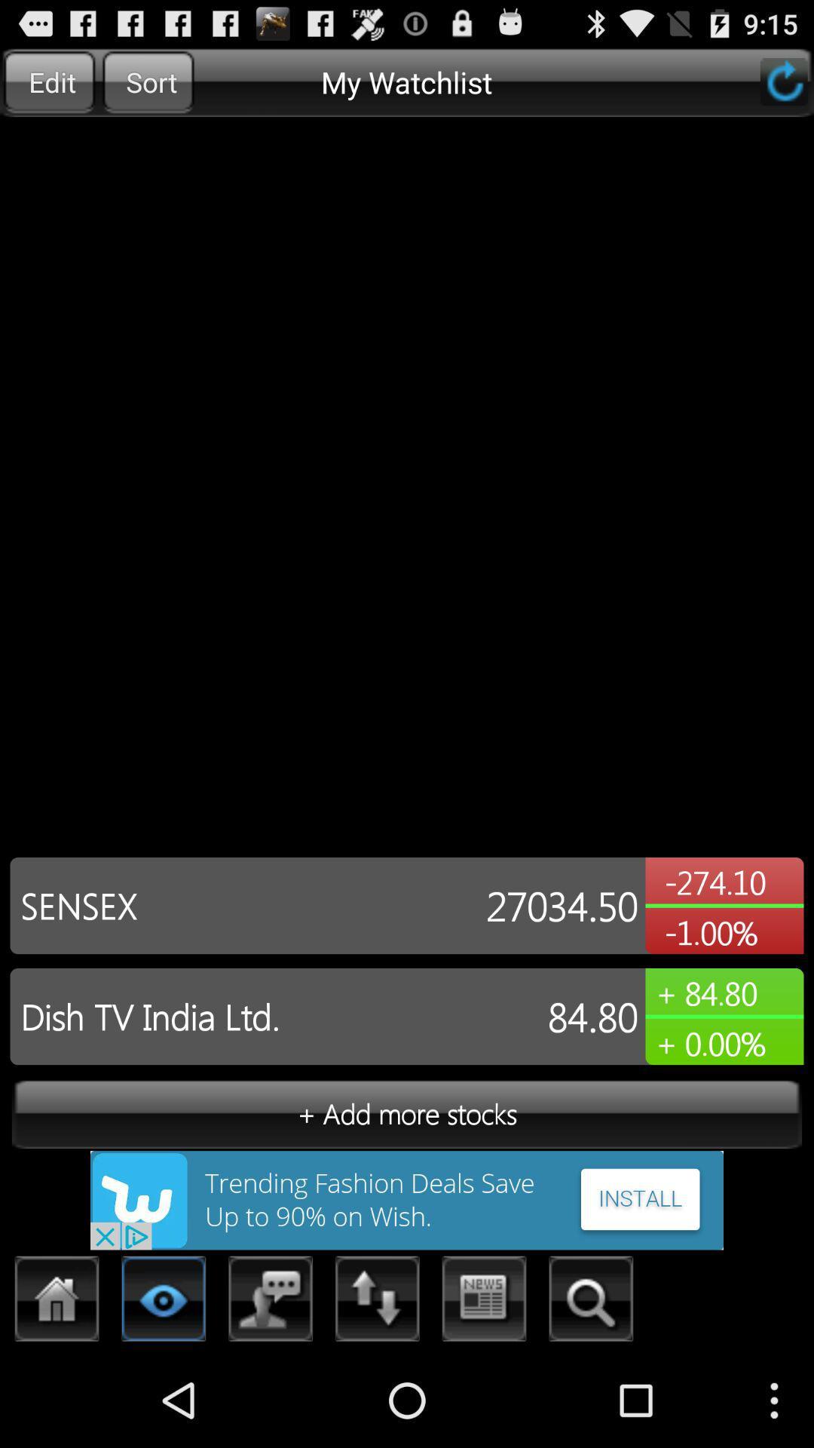 The height and width of the screenshot is (1448, 814). Describe the element at coordinates (407, 1199) in the screenshot. I see `install an app` at that location.